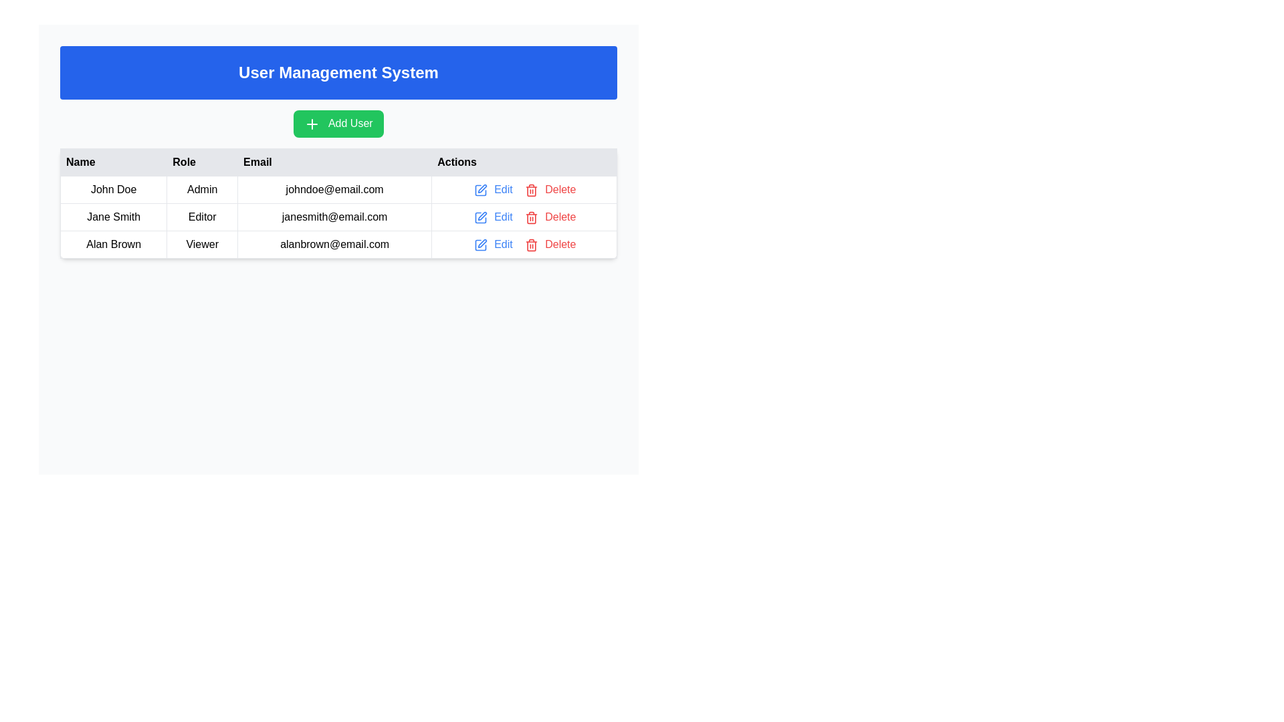  I want to click on the static text label indicating the role of the user 'John Doe' as 'Admin' in the user management table, so click(201, 189).